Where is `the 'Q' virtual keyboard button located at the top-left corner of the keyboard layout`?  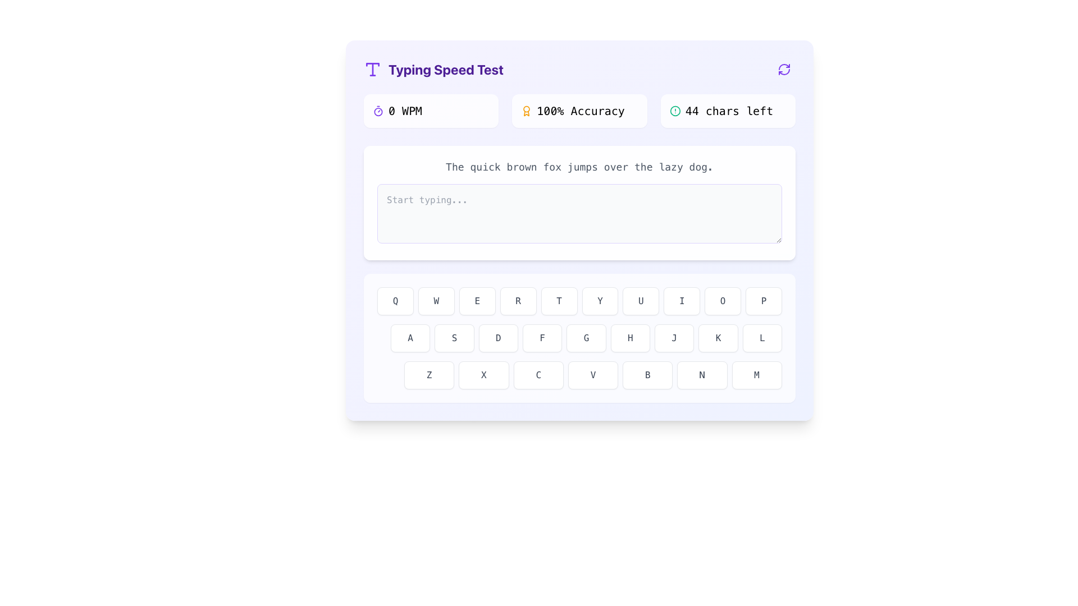 the 'Q' virtual keyboard button located at the top-left corner of the keyboard layout is located at coordinates (395, 300).